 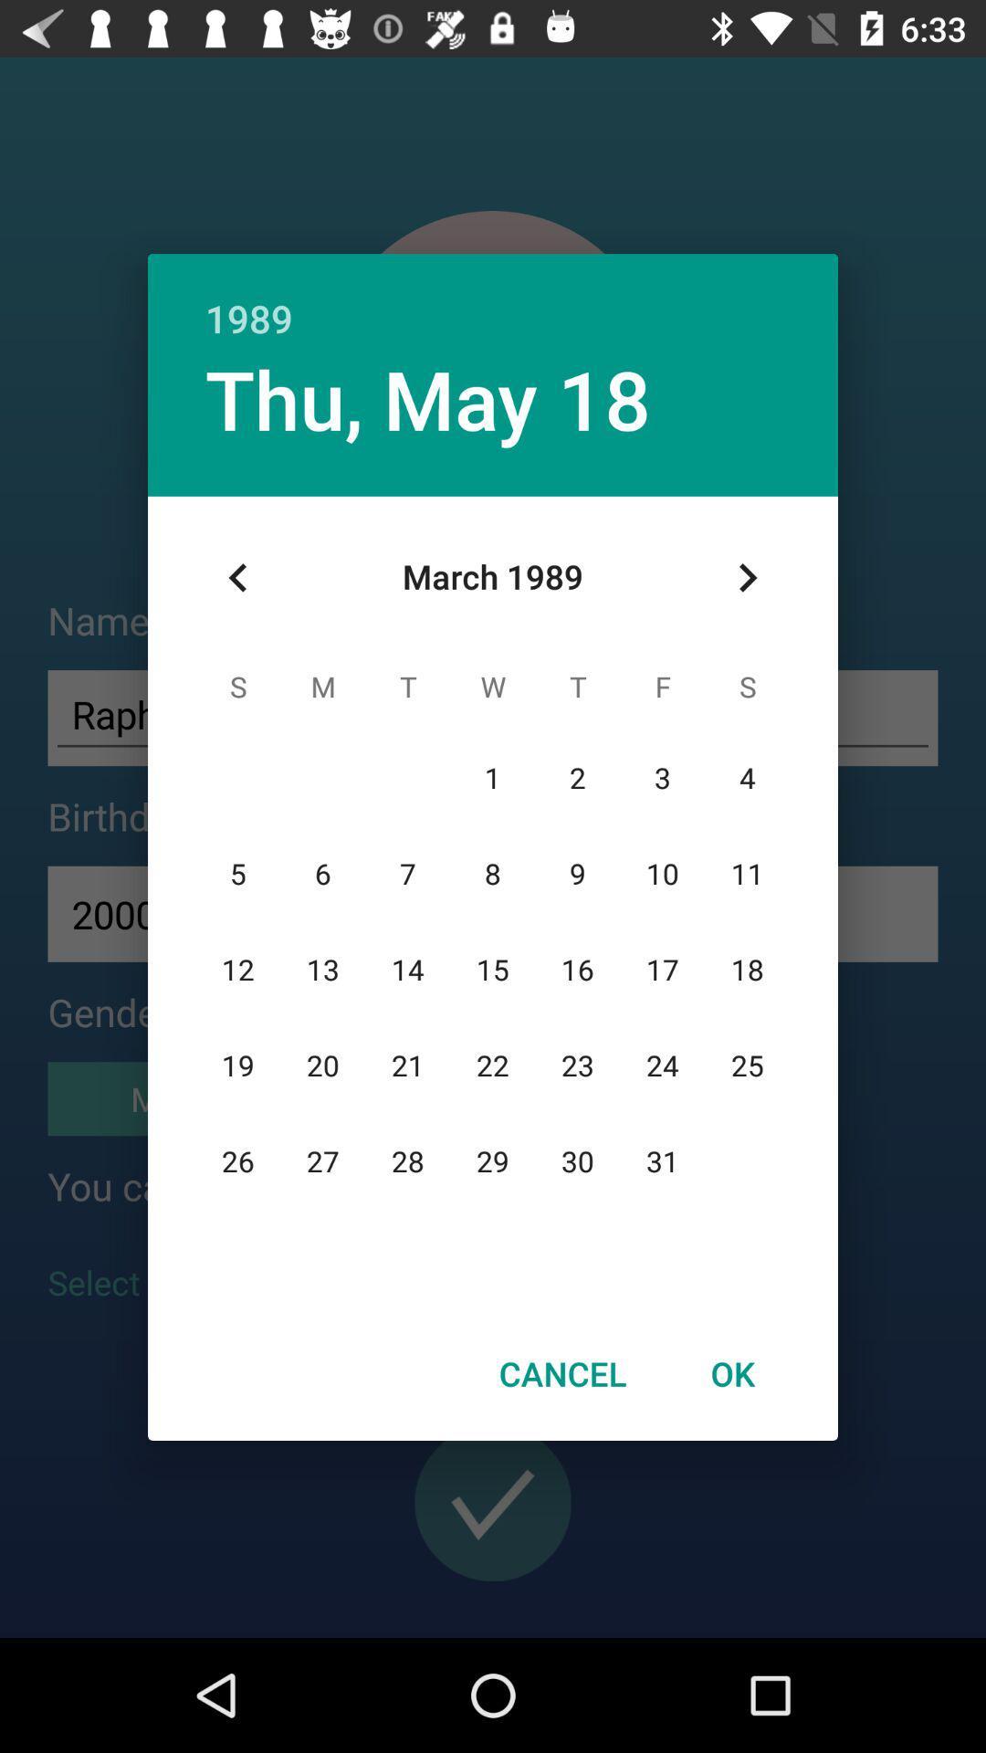 What do you see at coordinates (561, 1373) in the screenshot?
I see `cancel` at bounding box center [561, 1373].